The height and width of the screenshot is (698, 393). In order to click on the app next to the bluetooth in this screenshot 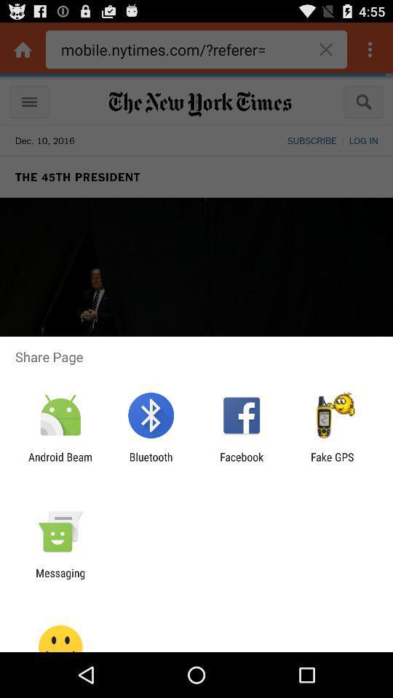, I will do `click(242, 462)`.